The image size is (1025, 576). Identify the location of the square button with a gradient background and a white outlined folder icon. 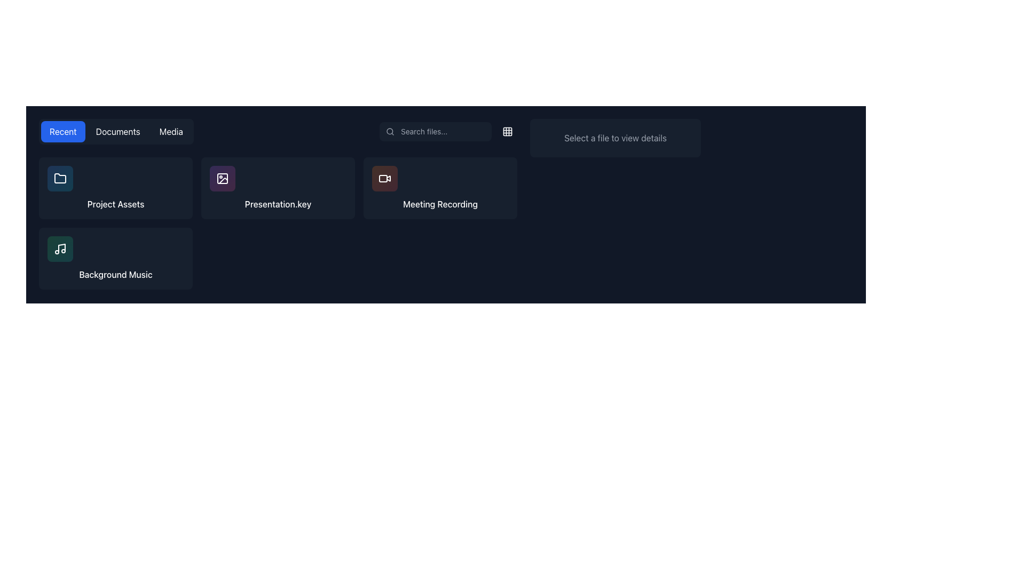
(60, 178).